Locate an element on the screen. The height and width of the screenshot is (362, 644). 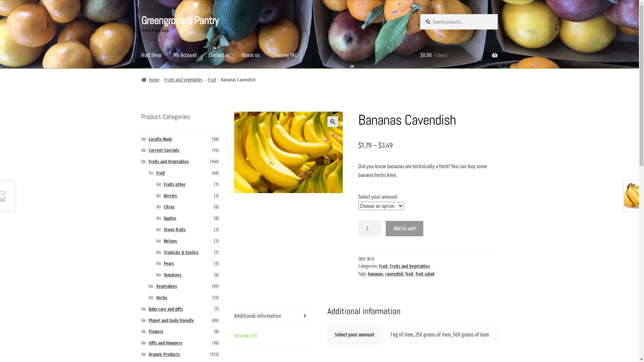
'Flowers' is located at coordinates (148, 331).